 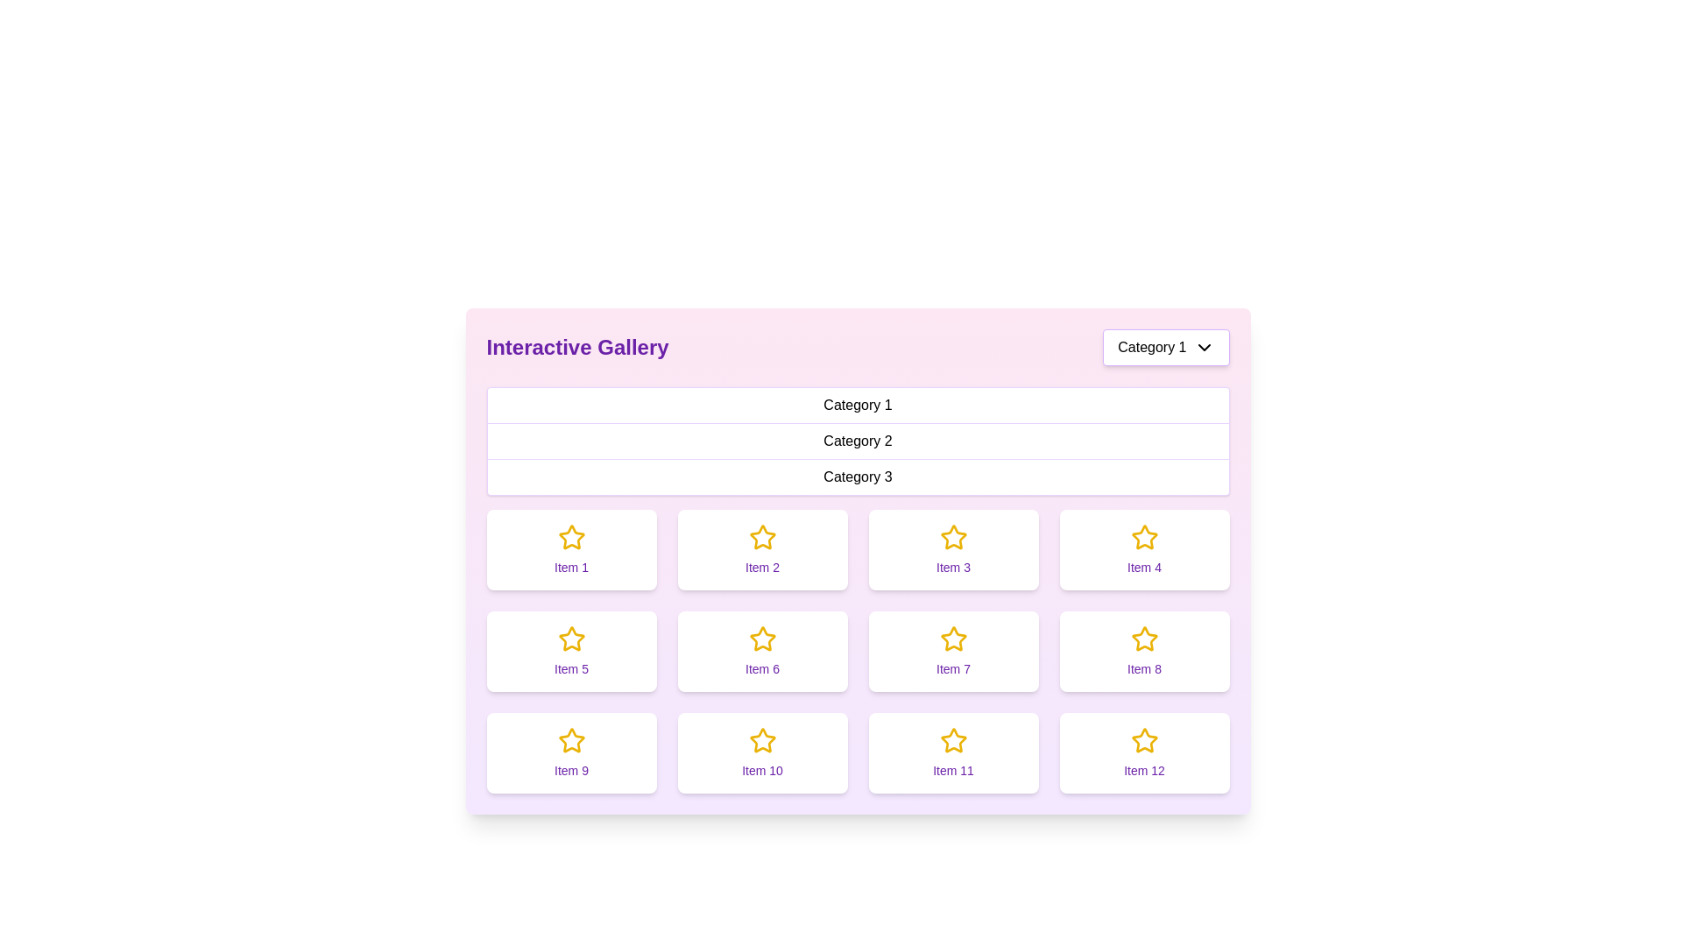 I want to click on the Star rating icon located in the third row and first column of the grid layout in the interactive gallery, above the label 'Item 9' for a special action, so click(x=571, y=740).